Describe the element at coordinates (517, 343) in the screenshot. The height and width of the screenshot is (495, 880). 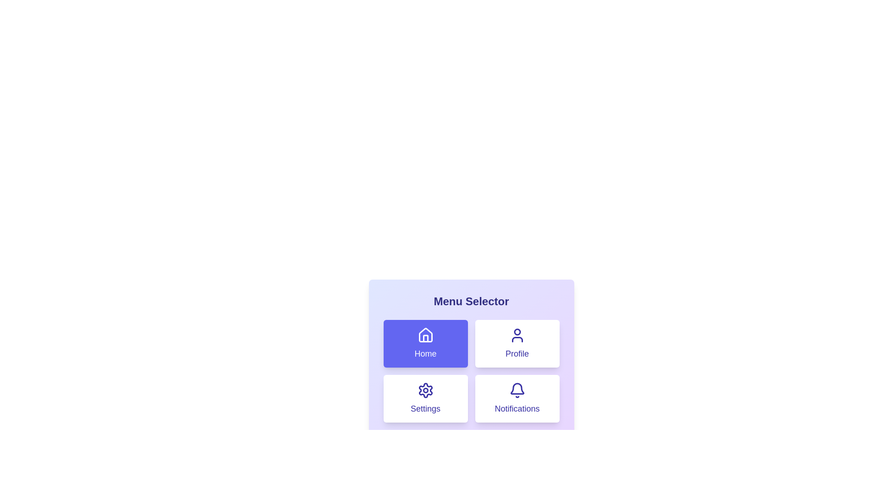
I see `the menu option Profile` at that location.